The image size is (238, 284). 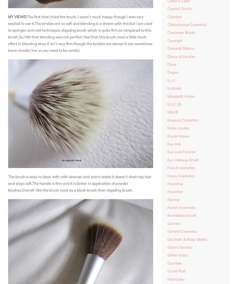 I want to click on 'Concealer Brush', so click(x=181, y=32).